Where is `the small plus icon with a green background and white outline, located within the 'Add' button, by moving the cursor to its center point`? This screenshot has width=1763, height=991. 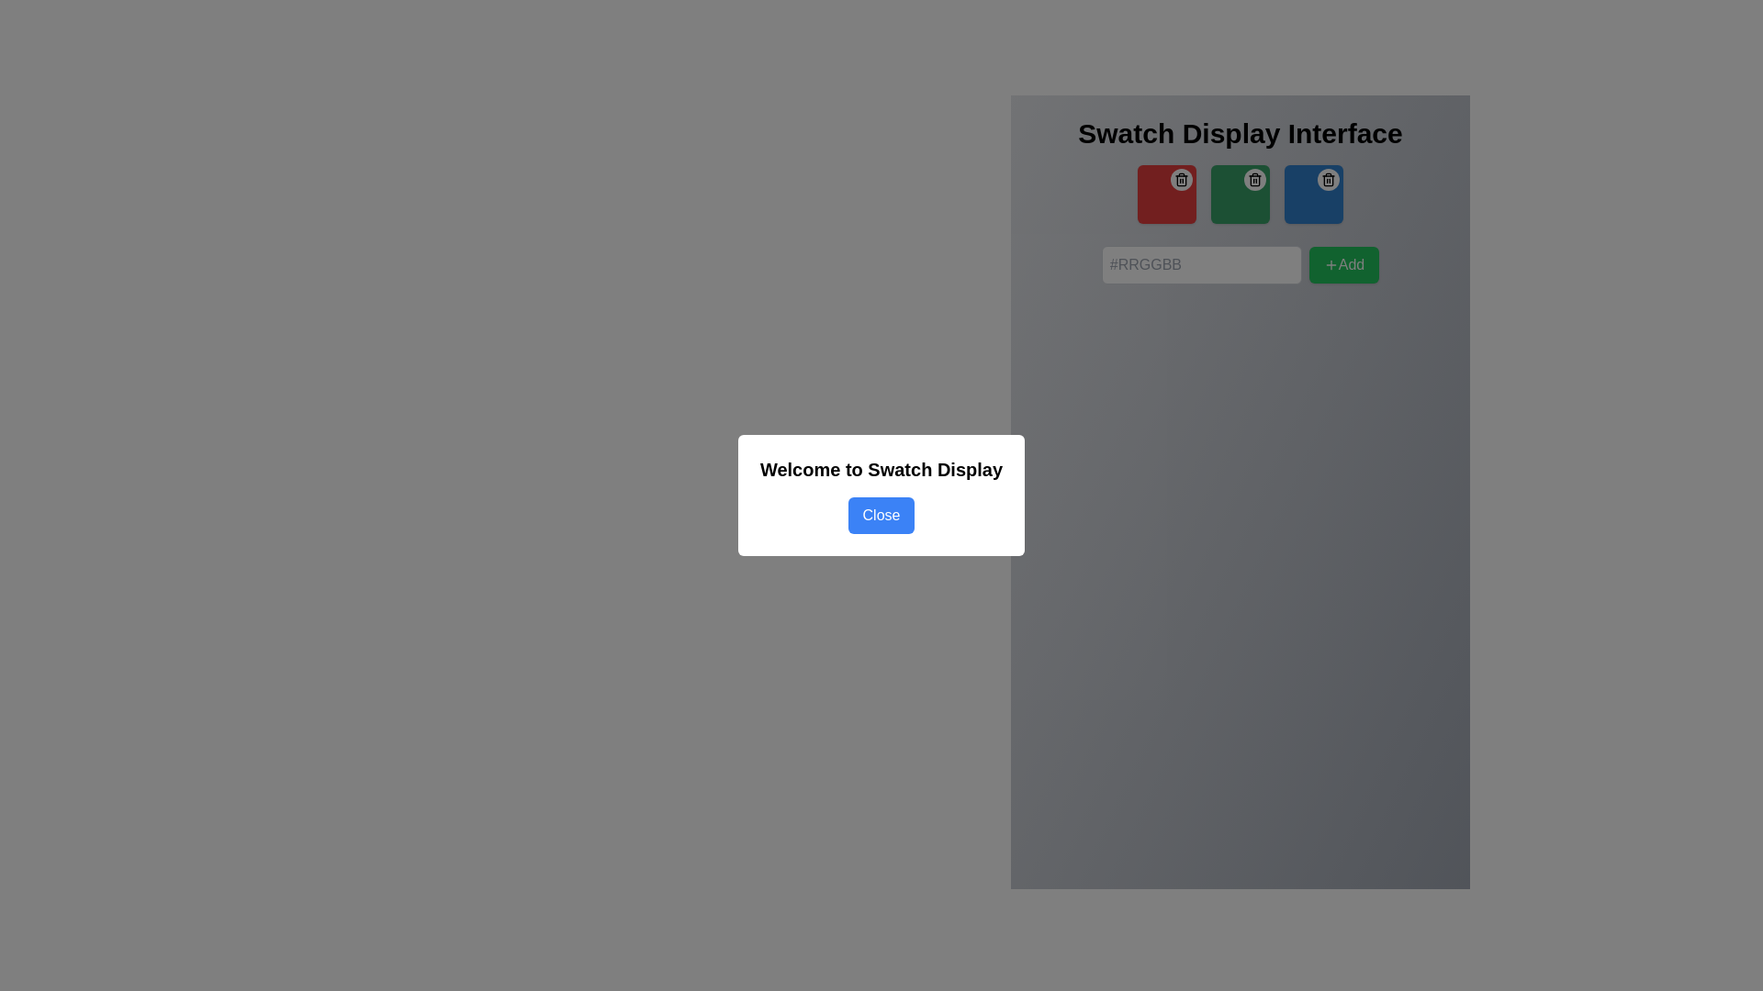
the small plus icon with a green background and white outline, located within the 'Add' button, by moving the cursor to its center point is located at coordinates (1331, 265).